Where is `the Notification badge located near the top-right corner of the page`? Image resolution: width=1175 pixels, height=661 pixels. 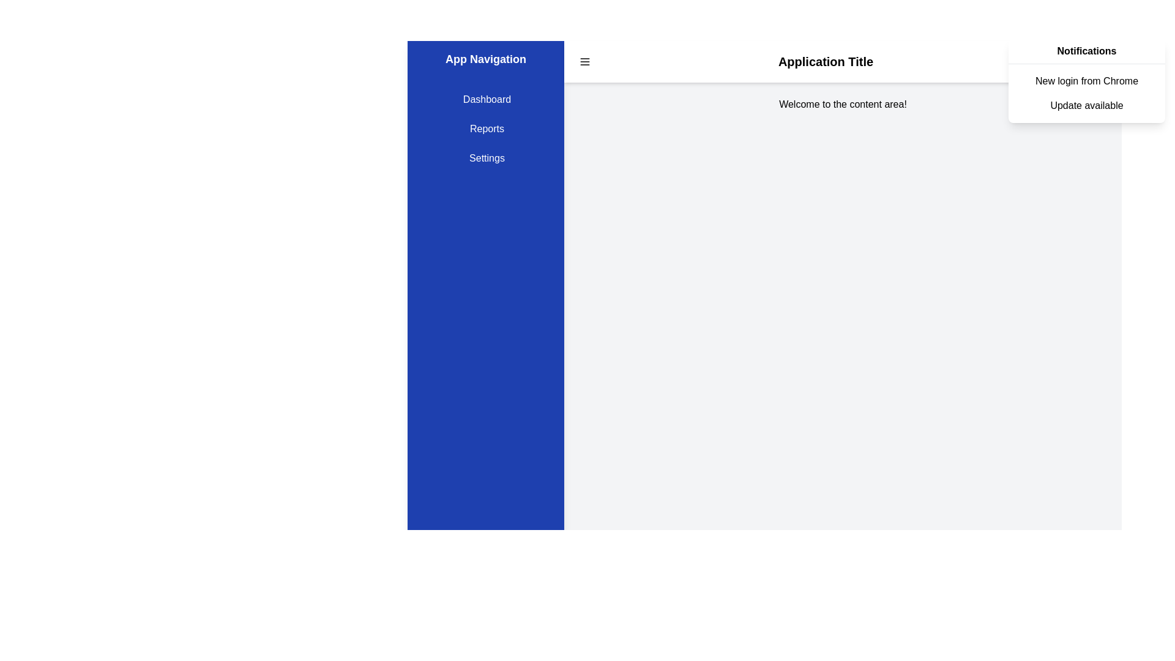 the Notification badge located near the top-right corner of the page is located at coordinates (1084, 61).